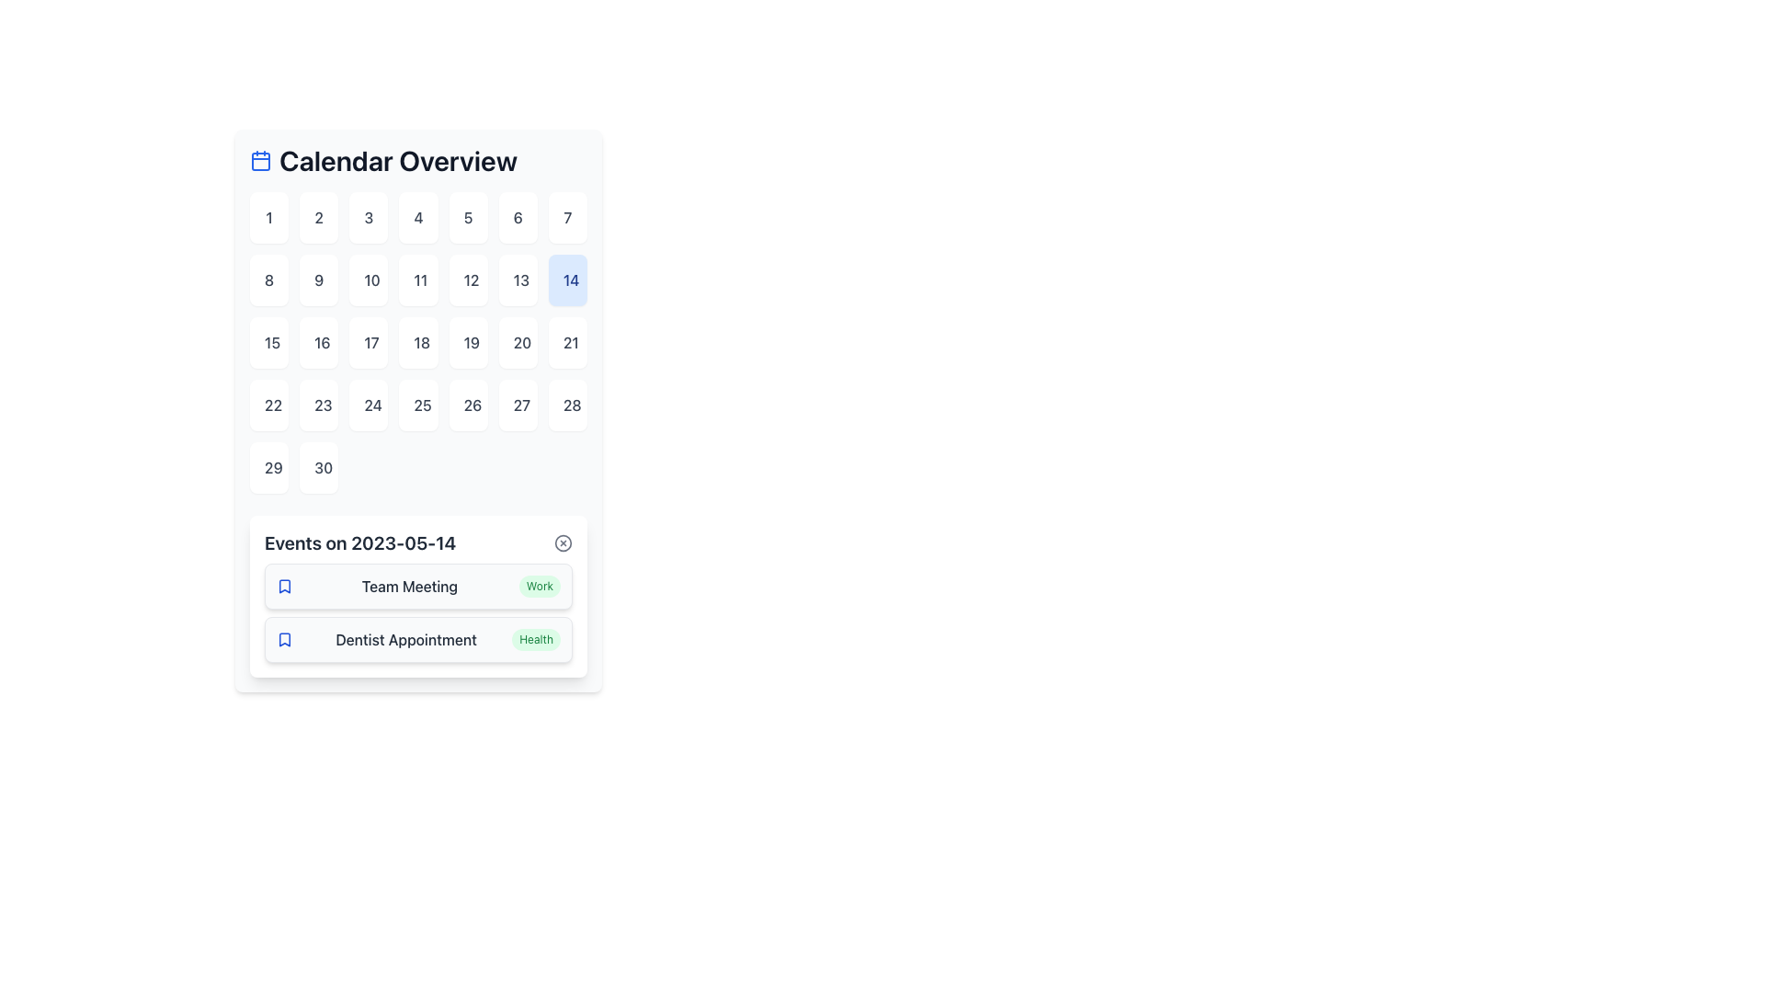 The width and height of the screenshot is (1765, 993). What do you see at coordinates (417, 638) in the screenshot?
I see `the second list item labeled 'Dentist Appointment' under the 'Events on 2023-05-14' section` at bounding box center [417, 638].